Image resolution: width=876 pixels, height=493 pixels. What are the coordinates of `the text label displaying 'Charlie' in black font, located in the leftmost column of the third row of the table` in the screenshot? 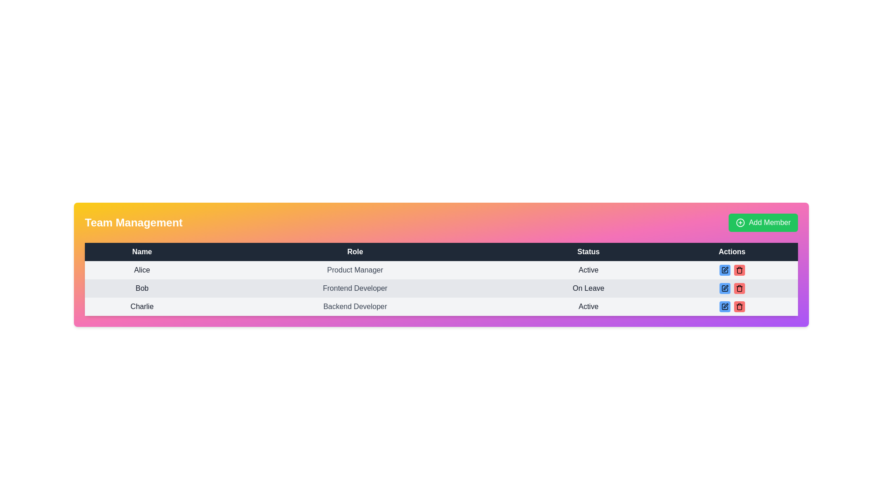 It's located at (141, 306).